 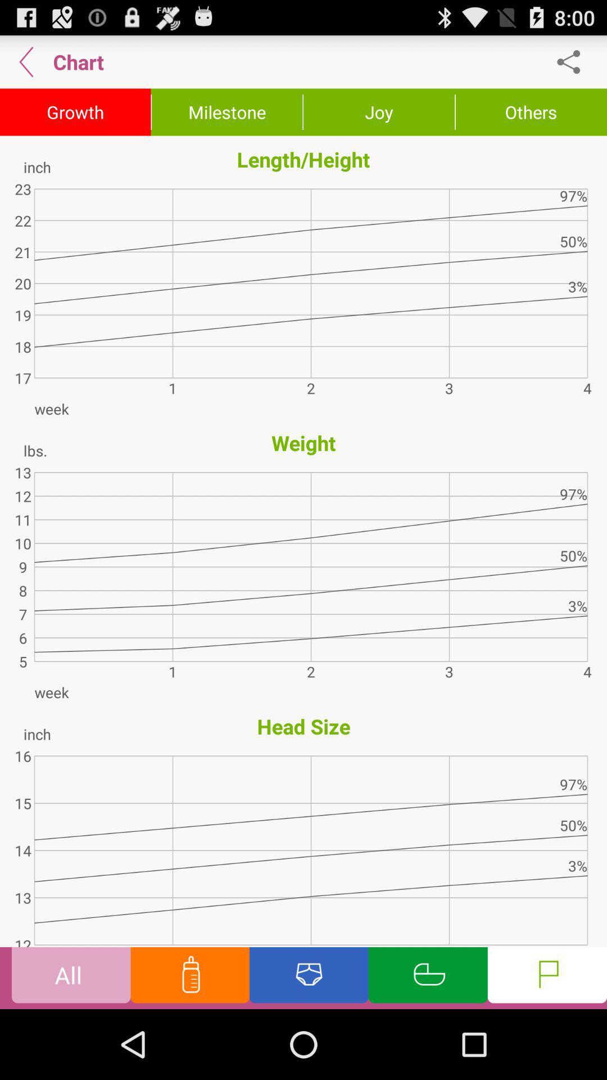 What do you see at coordinates (428, 977) in the screenshot?
I see `show graph` at bounding box center [428, 977].